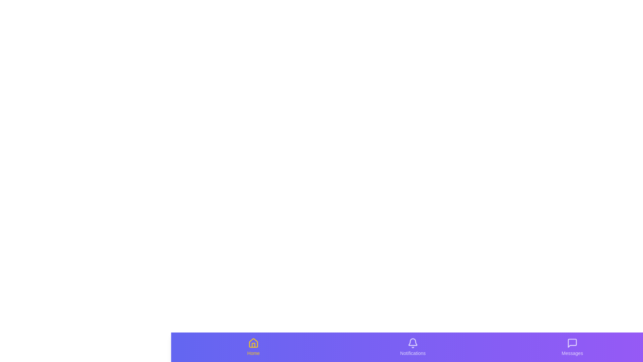 The width and height of the screenshot is (643, 362). Describe the element at coordinates (413, 347) in the screenshot. I see `the Notifications icon to activate its functionality` at that location.